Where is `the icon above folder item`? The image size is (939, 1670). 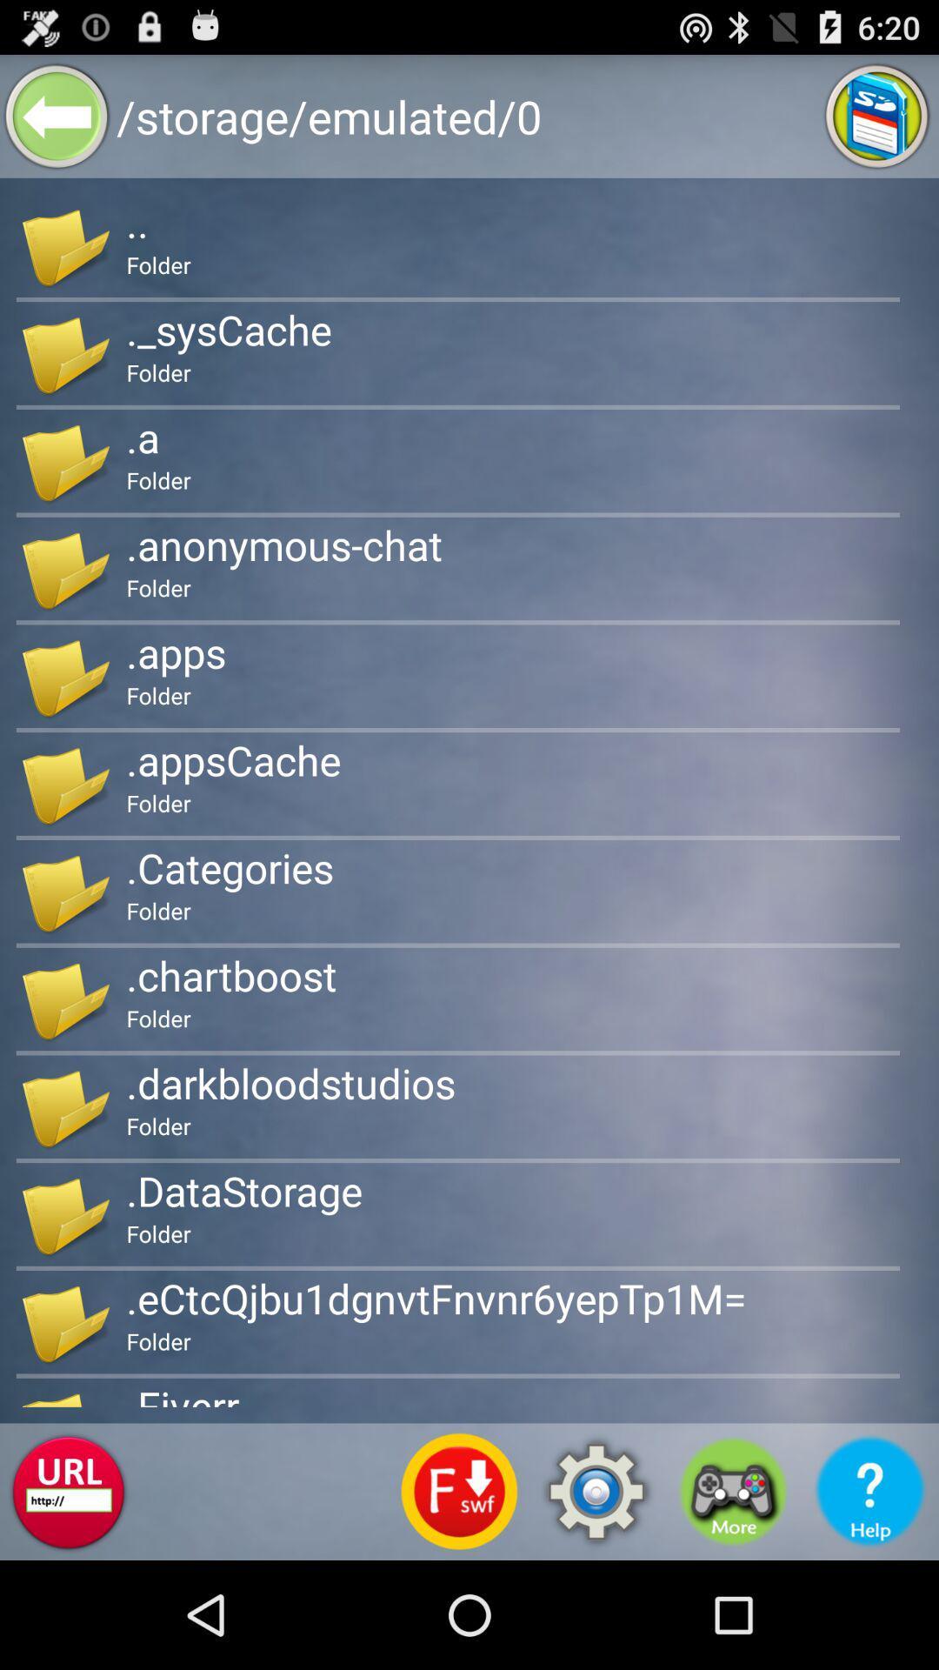 the icon above folder item is located at coordinates (230, 975).